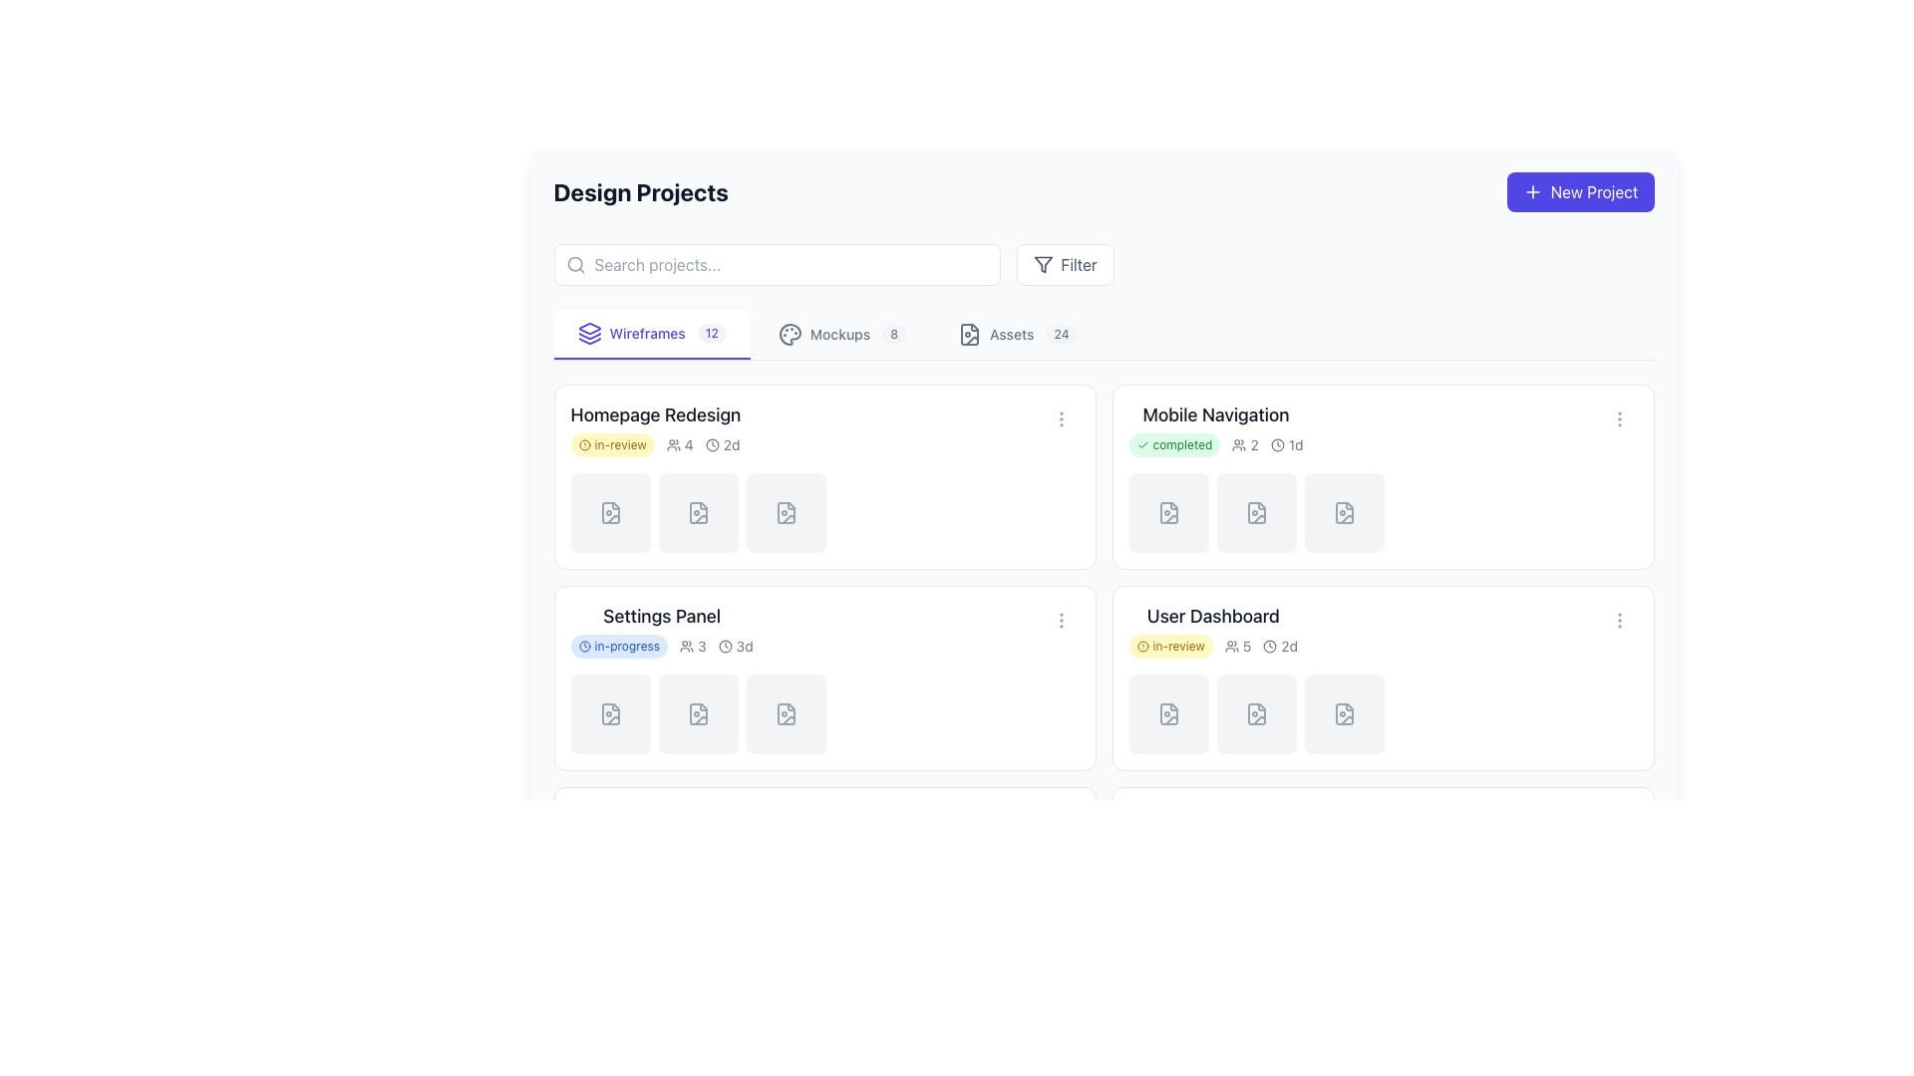 The height and width of the screenshot is (1076, 1914). I want to click on the fourth image placeholder or file preview icon in the 'Homepage Redesign' project section, which is part of the 'Design Projects' group, so click(785, 512).